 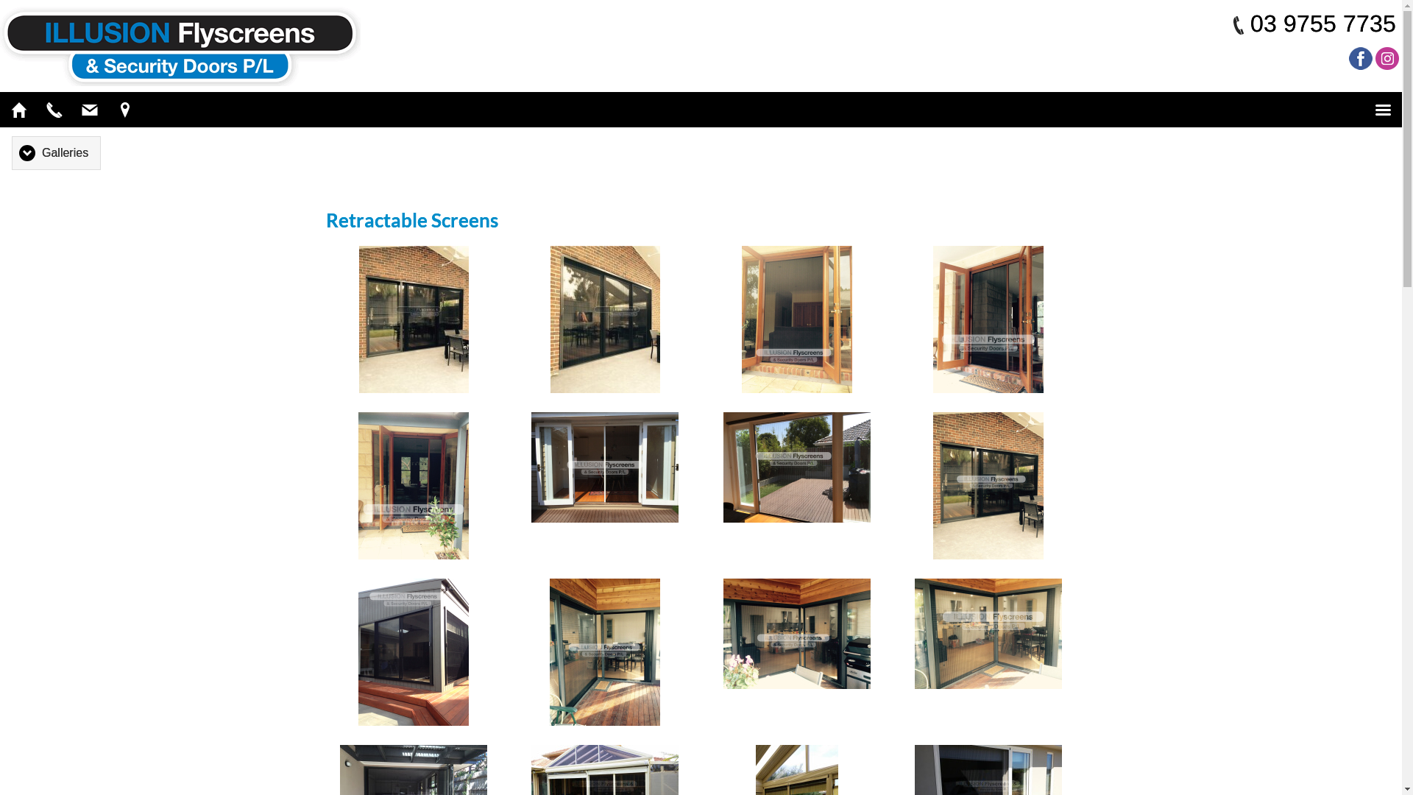 What do you see at coordinates (88, 109) in the screenshot?
I see `'EMAIL'` at bounding box center [88, 109].